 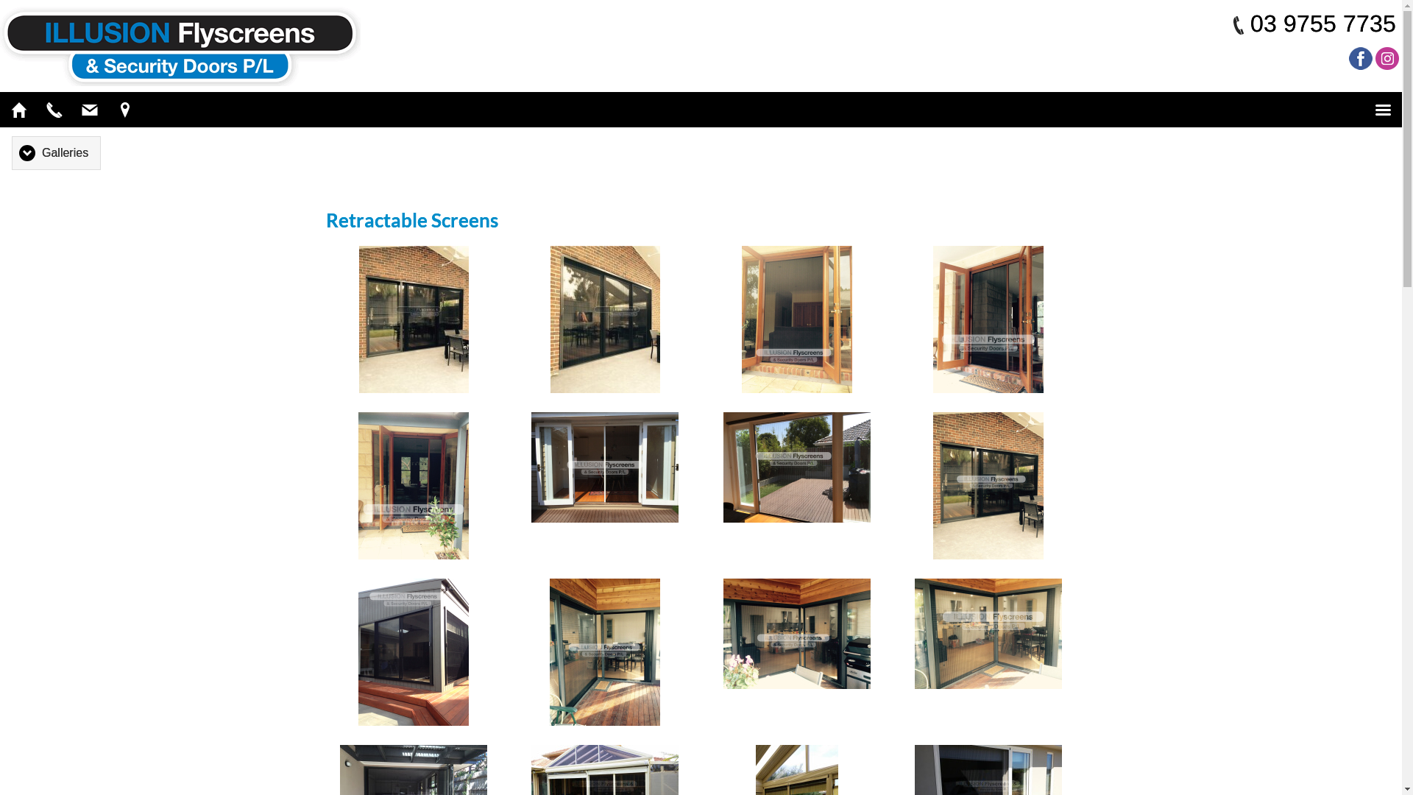 What do you see at coordinates (88, 109) in the screenshot?
I see `'EMAIL'` at bounding box center [88, 109].